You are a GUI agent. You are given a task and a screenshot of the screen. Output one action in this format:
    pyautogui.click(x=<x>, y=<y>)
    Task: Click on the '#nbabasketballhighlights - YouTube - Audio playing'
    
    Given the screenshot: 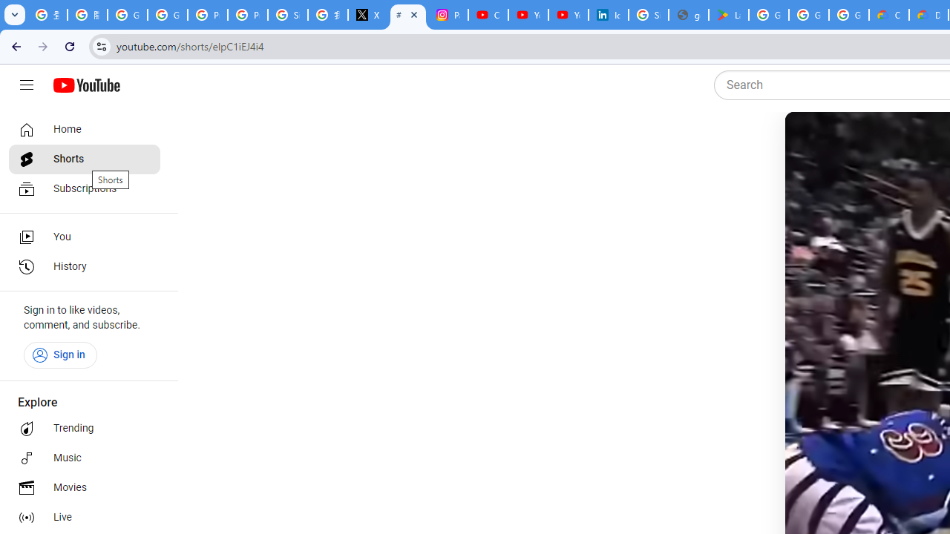 What is the action you would take?
    pyautogui.click(x=408, y=15)
    